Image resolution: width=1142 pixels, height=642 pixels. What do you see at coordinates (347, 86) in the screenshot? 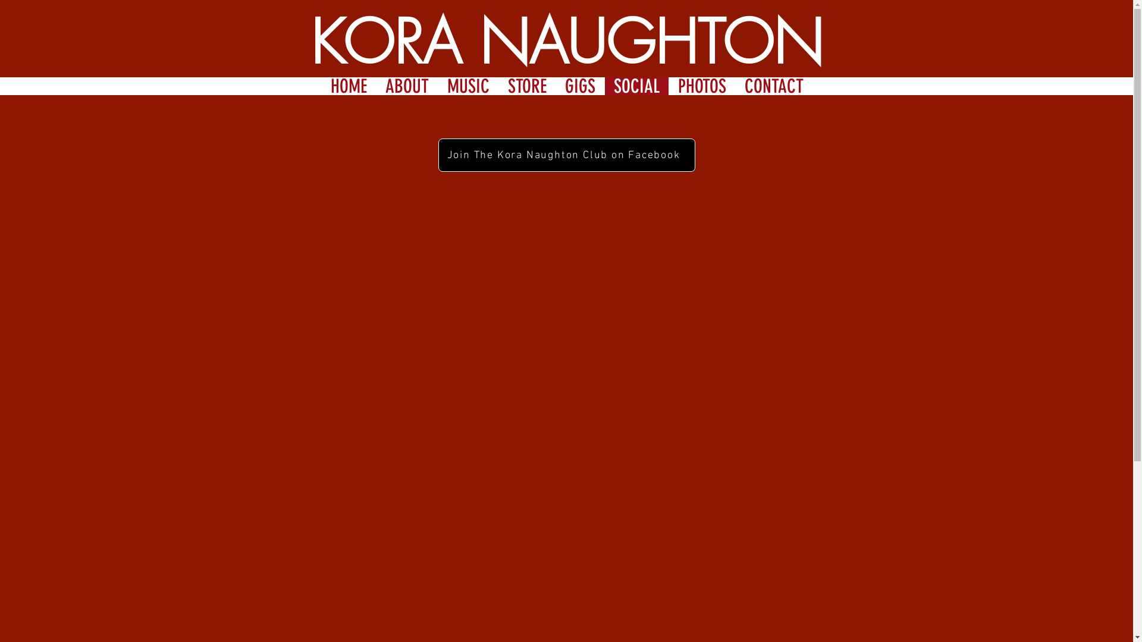
I see `'HOME'` at bounding box center [347, 86].